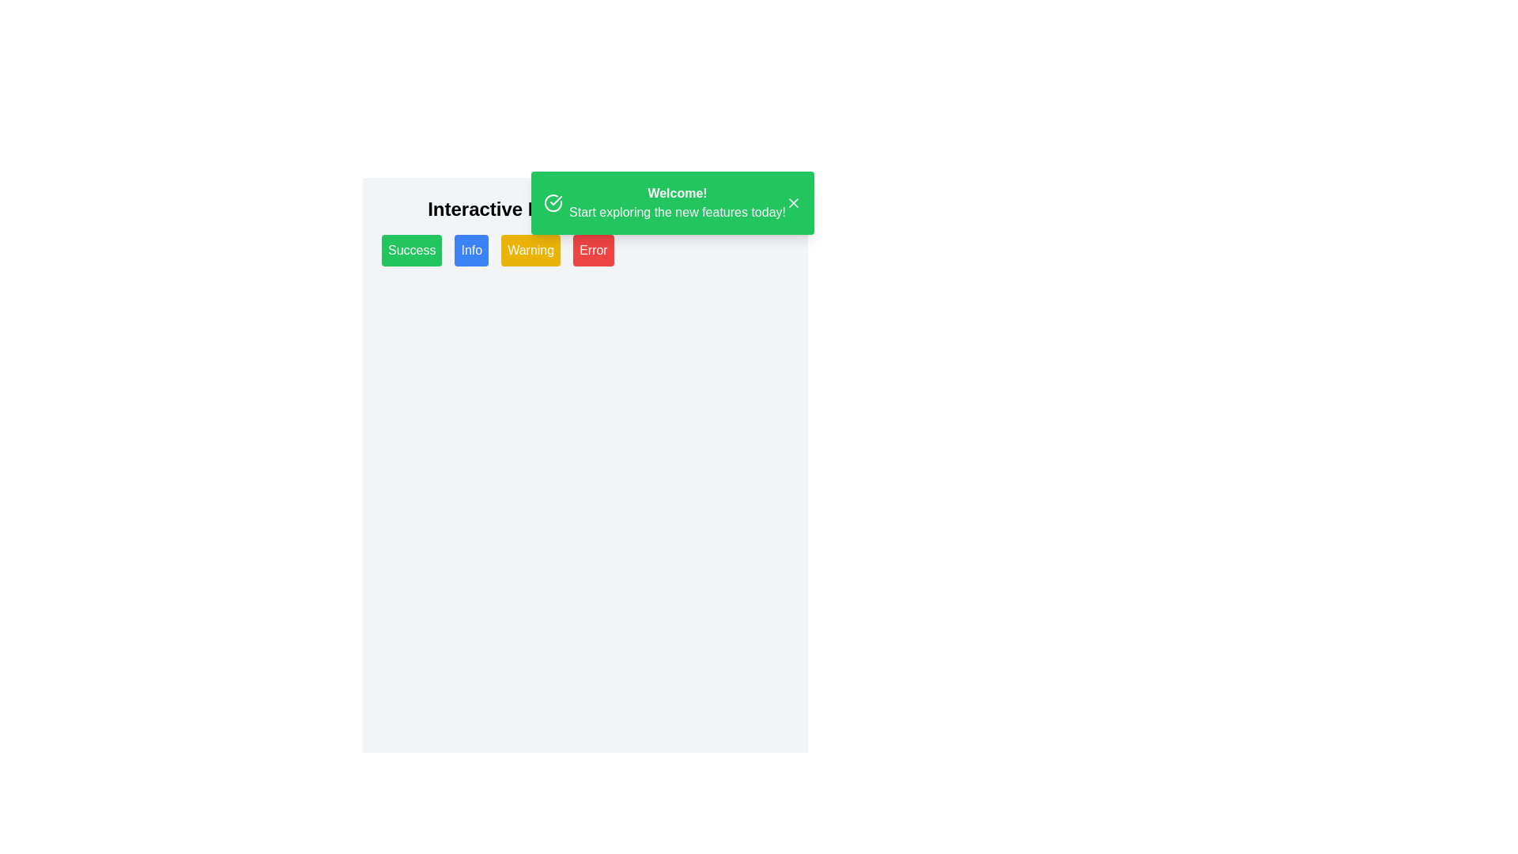 This screenshot has width=1518, height=854. Describe the element at coordinates (592, 249) in the screenshot. I see `the 'Error' button located at the far right of the row containing 'Success', 'Info', and 'Warning'` at that location.